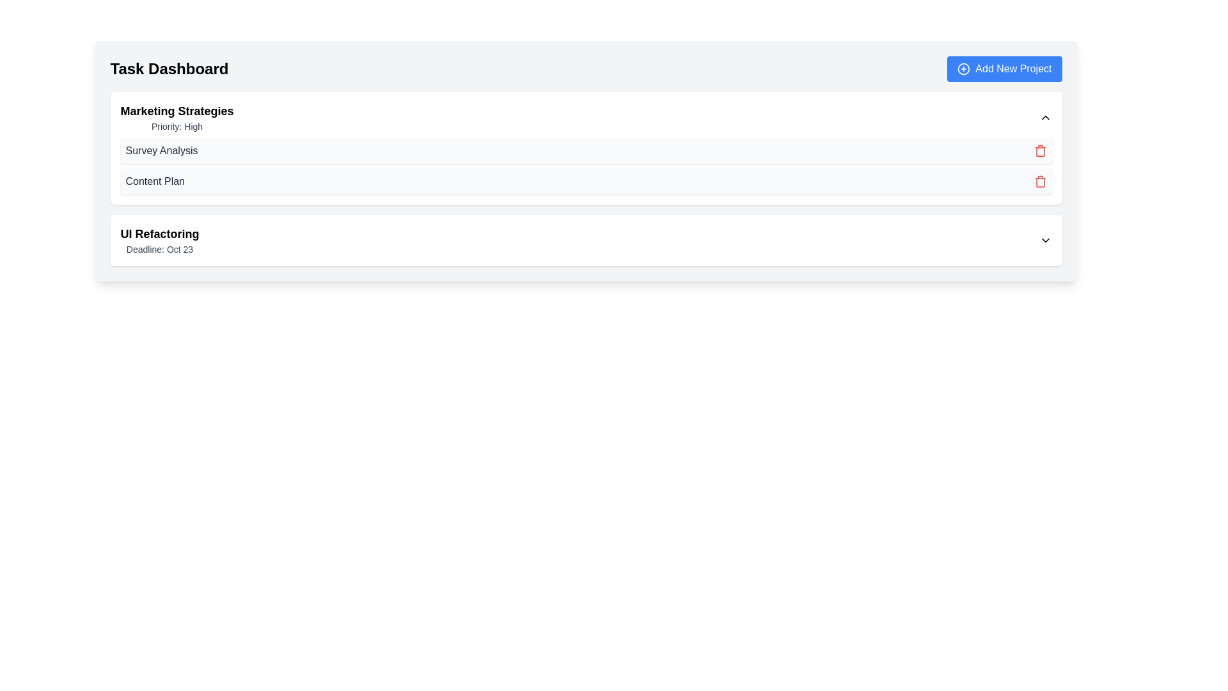 The width and height of the screenshot is (1228, 691). I want to click on the Header text displaying 'Task Dashboard', which is styled in bold and positioned at the top-left area of the interface, before the 'Add New Project' button, so click(168, 69).